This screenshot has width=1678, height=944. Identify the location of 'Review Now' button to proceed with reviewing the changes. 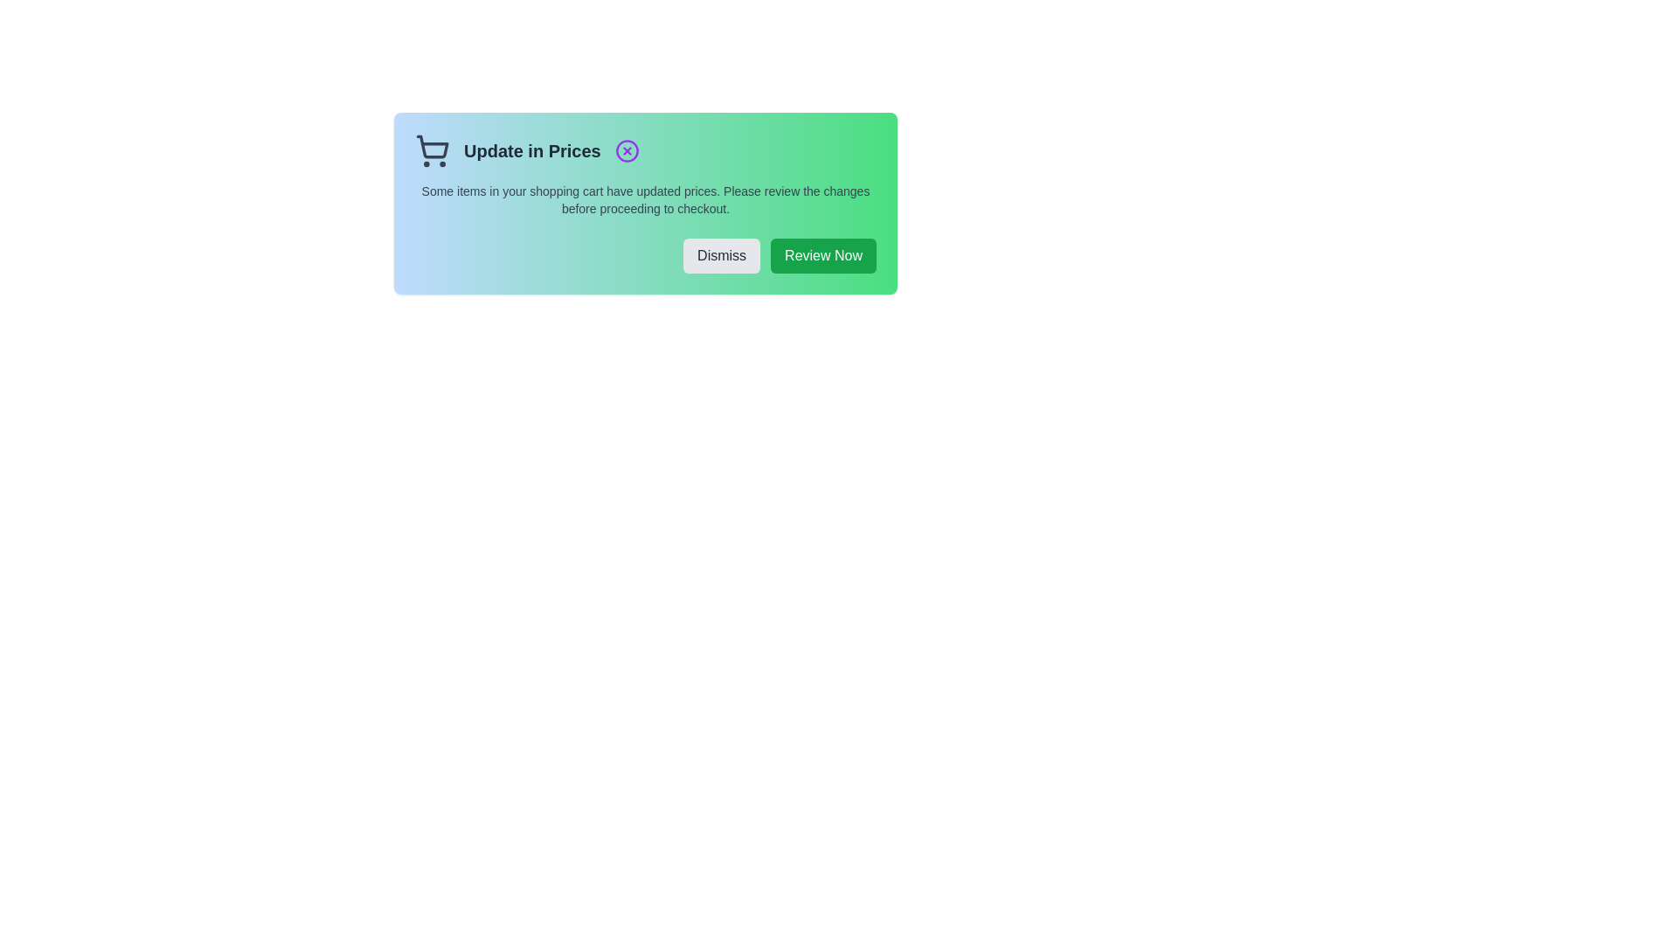
(822, 256).